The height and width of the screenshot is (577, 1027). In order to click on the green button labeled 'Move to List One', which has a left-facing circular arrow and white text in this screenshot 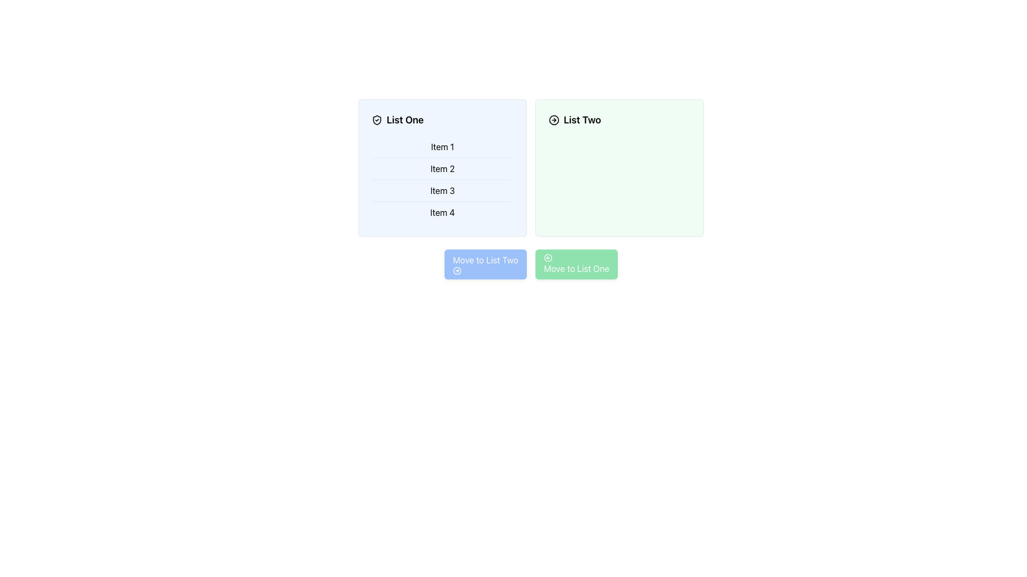, I will do `click(576, 264)`.